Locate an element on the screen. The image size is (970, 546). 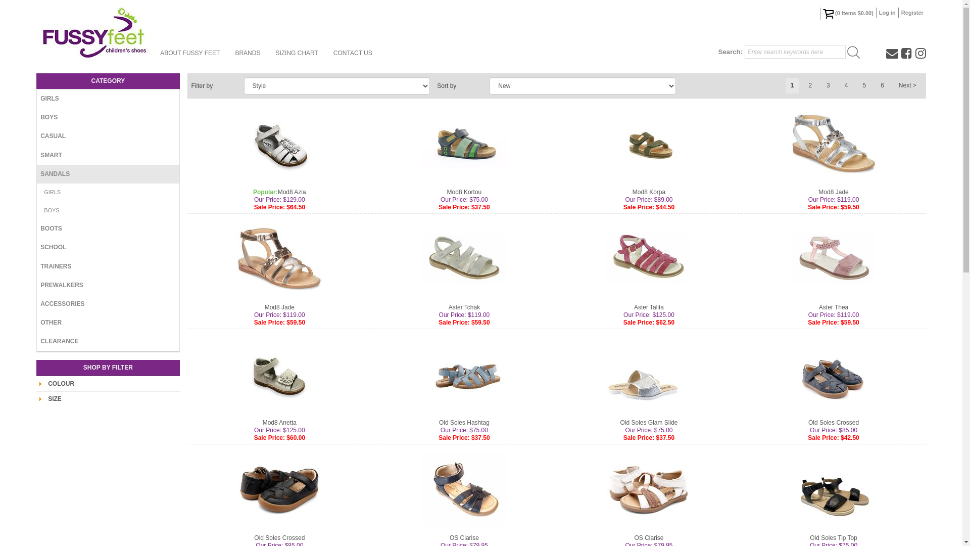
'4' is located at coordinates (839, 85).